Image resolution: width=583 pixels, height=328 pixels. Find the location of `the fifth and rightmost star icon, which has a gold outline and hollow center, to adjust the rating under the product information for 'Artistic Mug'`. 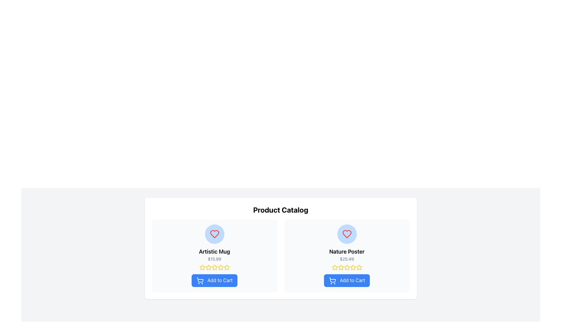

the fifth and rightmost star icon, which has a gold outline and hollow center, to adjust the rating under the product information for 'Artistic Mug' is located at coordinates (226, 267).